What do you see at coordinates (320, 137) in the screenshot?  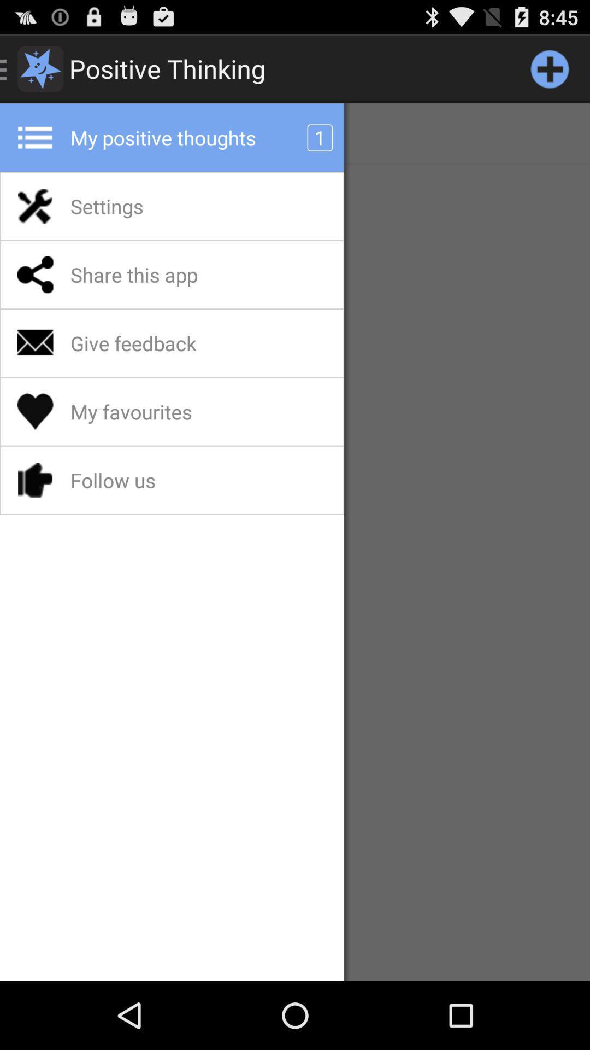 I see `1 app` at bounding box center [320, 137].